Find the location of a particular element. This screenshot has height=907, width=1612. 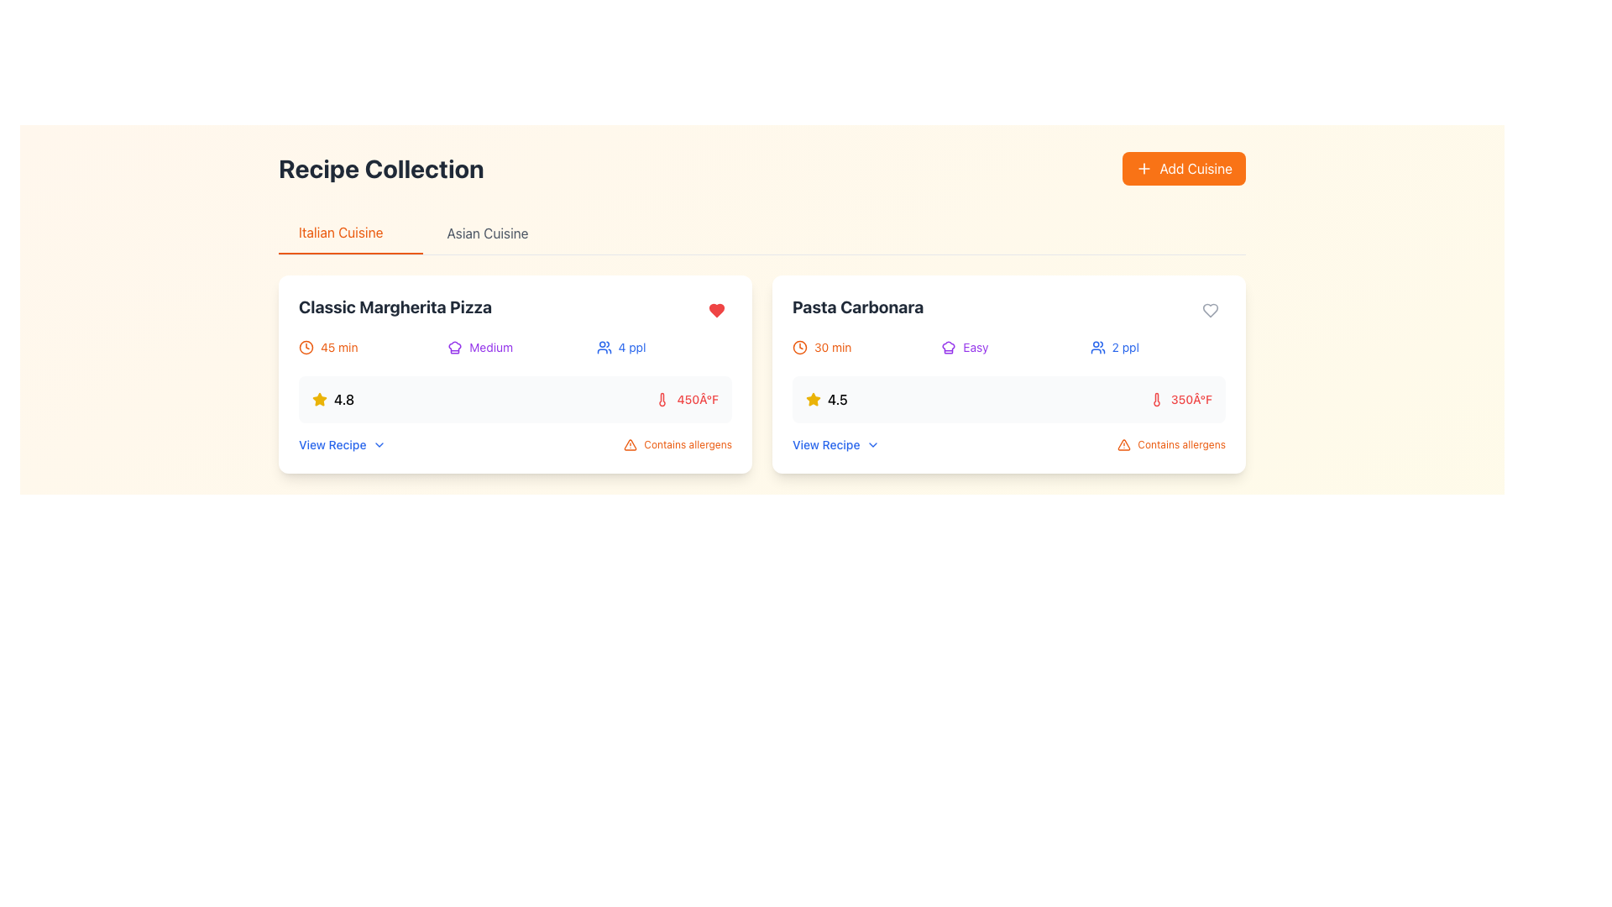

the clickable text labeled 'Italian Cuisine' styled with an orange font color to observe any effects is located at coordinates (350, 233).